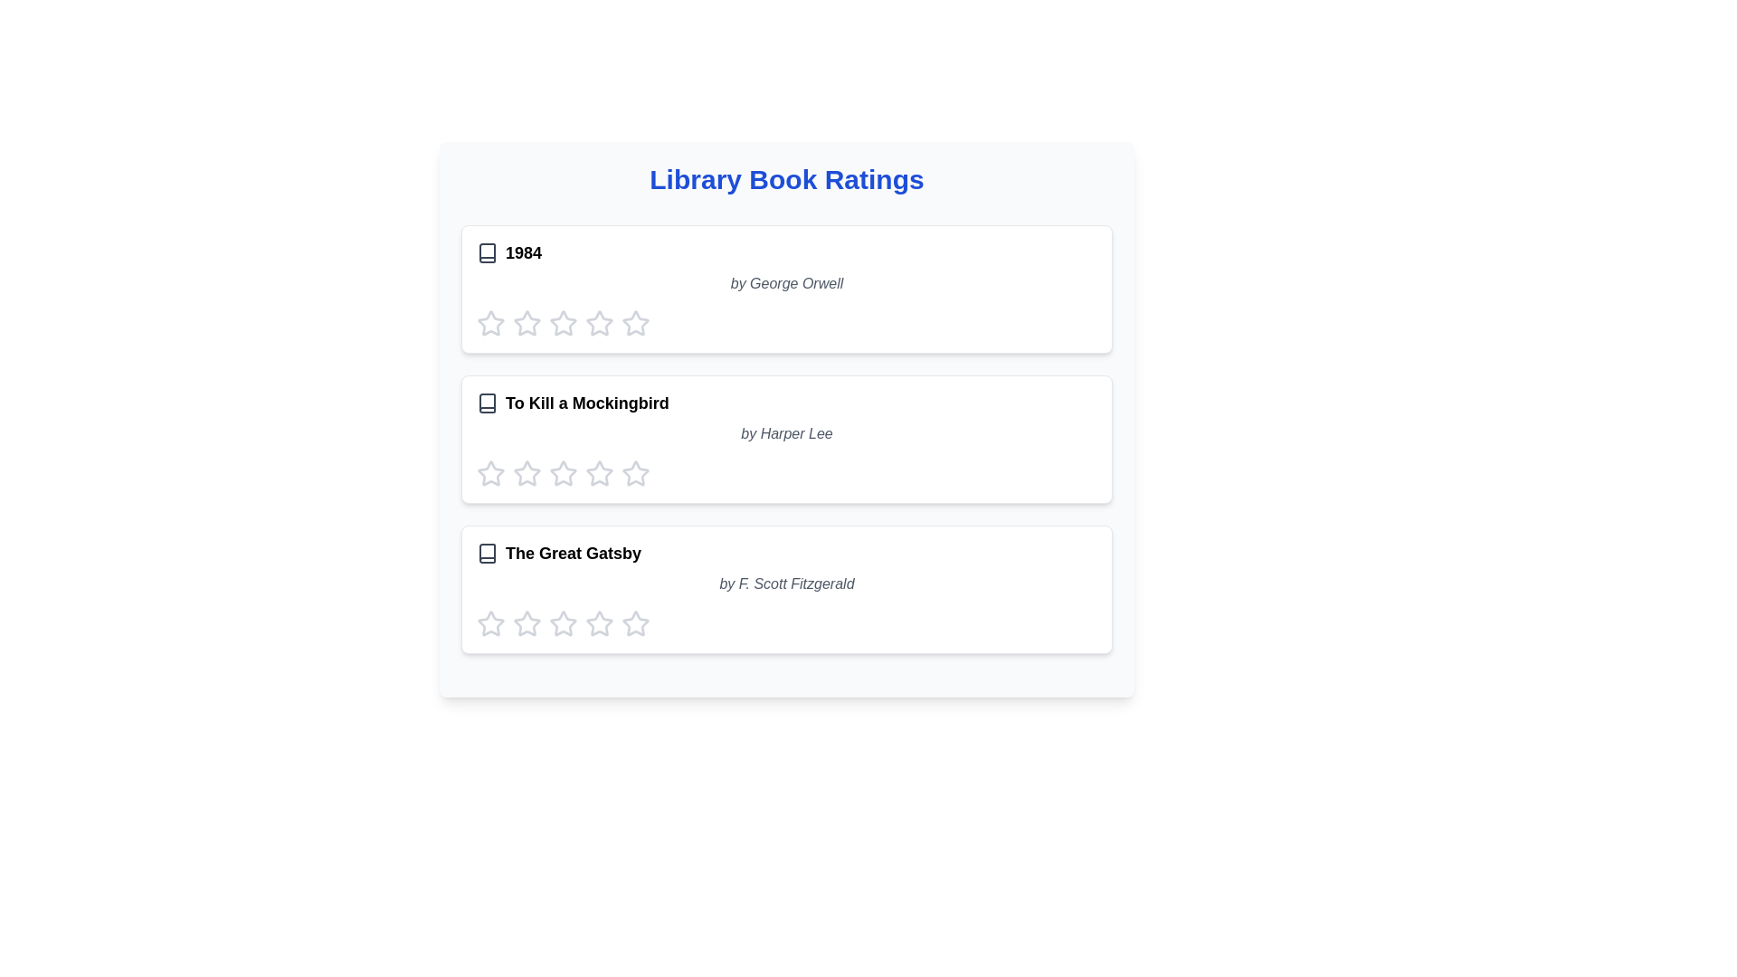 The height and width of the screenshot is (977, 1737). Describe the element at coordinates (526, 322) in the screenshot. I see `the first star icon in the rating section to rate the book '1984' with one star` at that location.